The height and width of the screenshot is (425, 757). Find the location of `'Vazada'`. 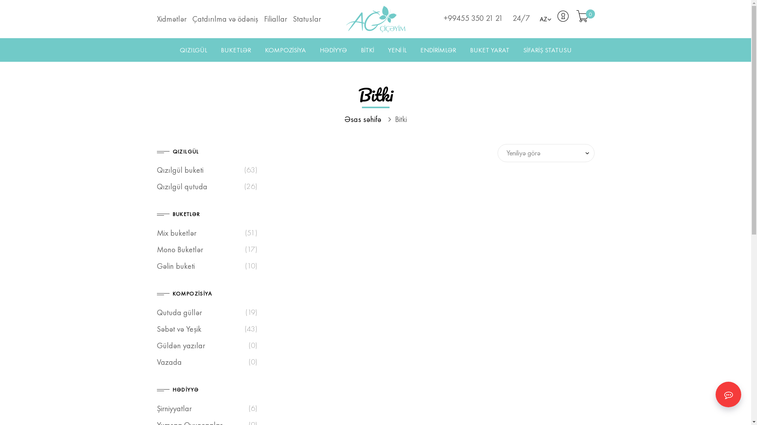

'Vazada' is located at coordinates (169, 362).